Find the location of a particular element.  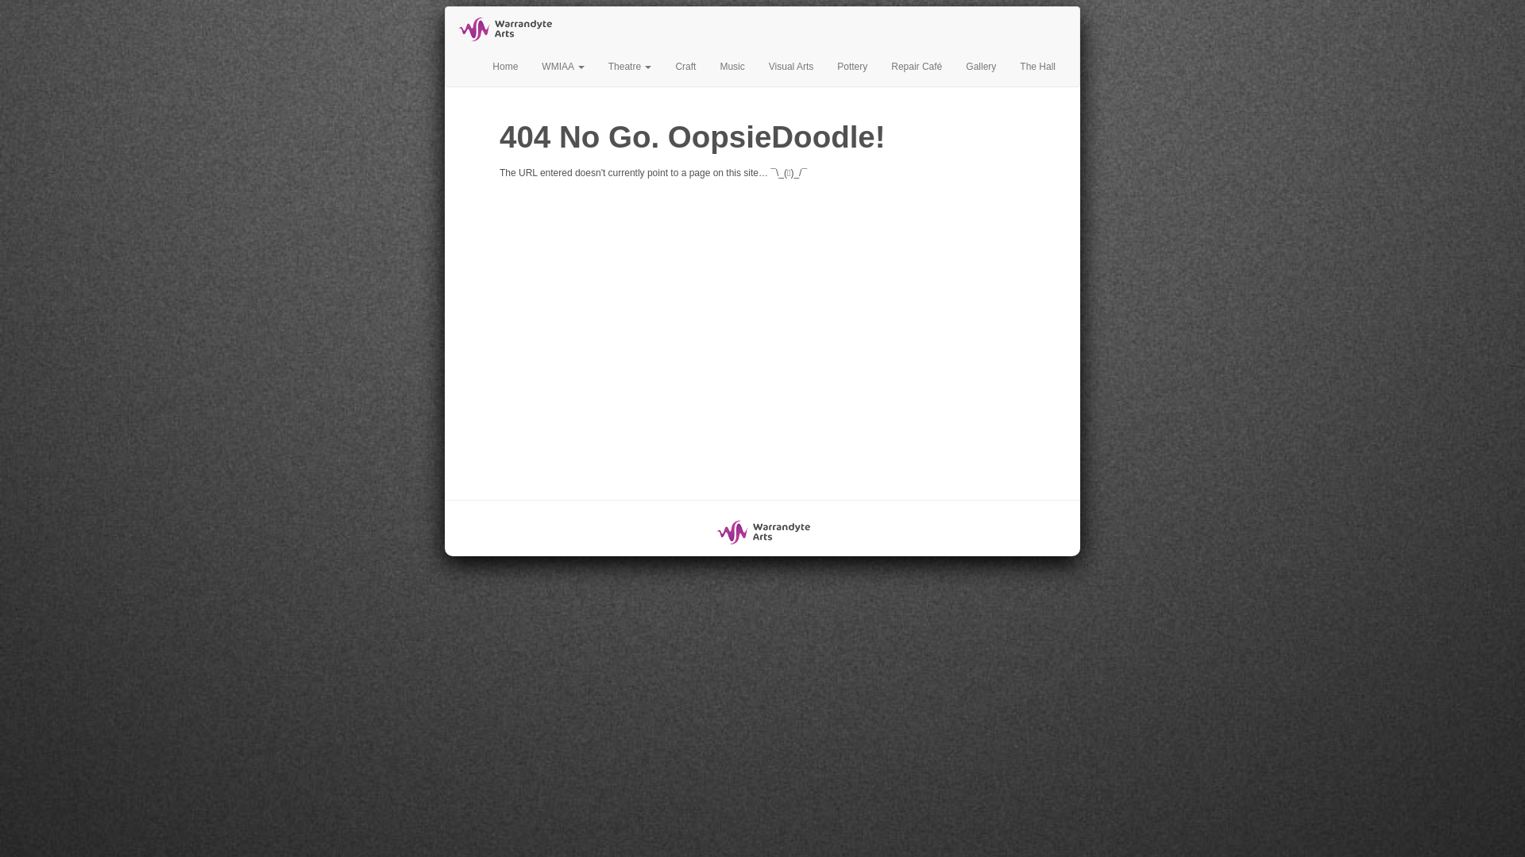

'Theatre' is located at coordinates (629, 66).